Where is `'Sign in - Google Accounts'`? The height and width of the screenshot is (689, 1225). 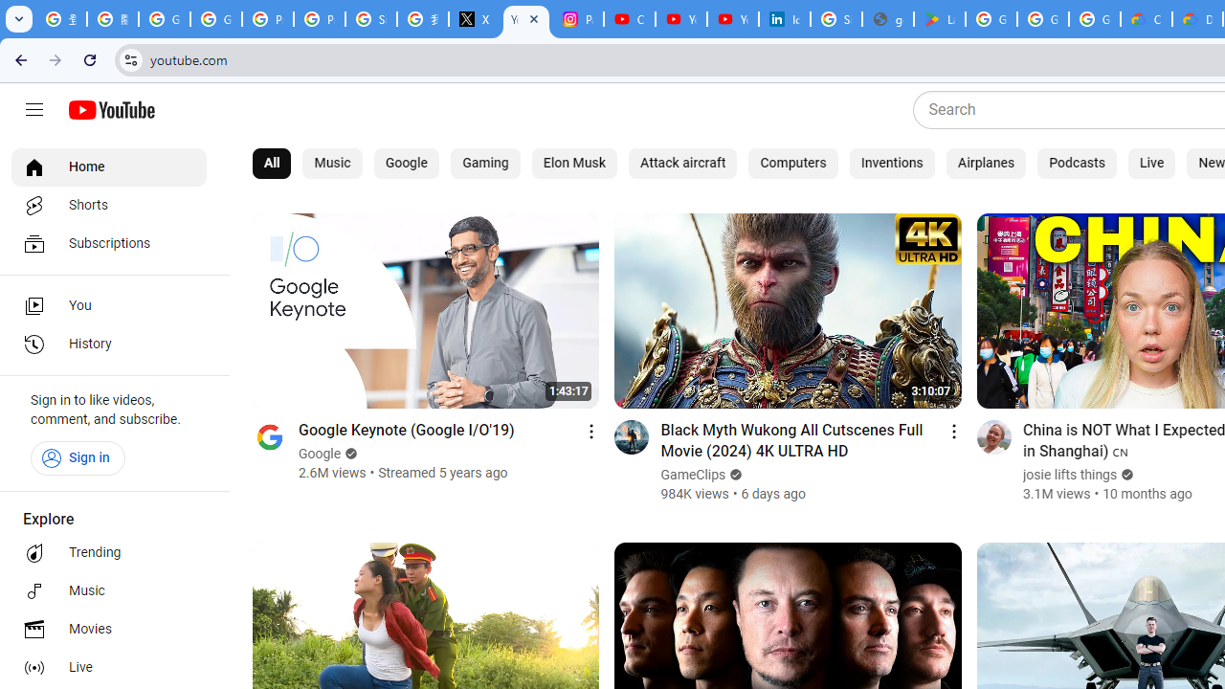 'Sign in - Google Accounts' is located at coordinates (836, 19).